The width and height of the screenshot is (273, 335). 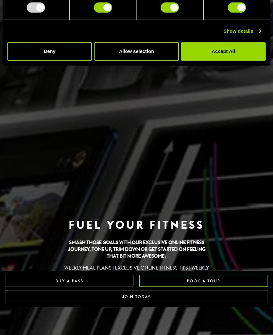 What do you see at coordinates (49, 51) in the screenshot?
I see `'Deny'` at bounding box center [49, 51].